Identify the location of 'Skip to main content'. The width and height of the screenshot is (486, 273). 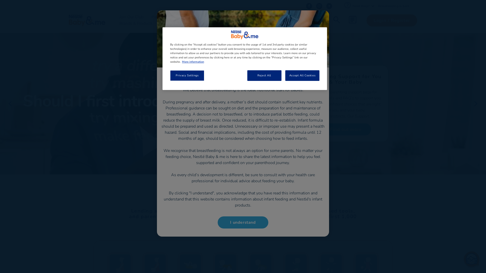
(0, 0).